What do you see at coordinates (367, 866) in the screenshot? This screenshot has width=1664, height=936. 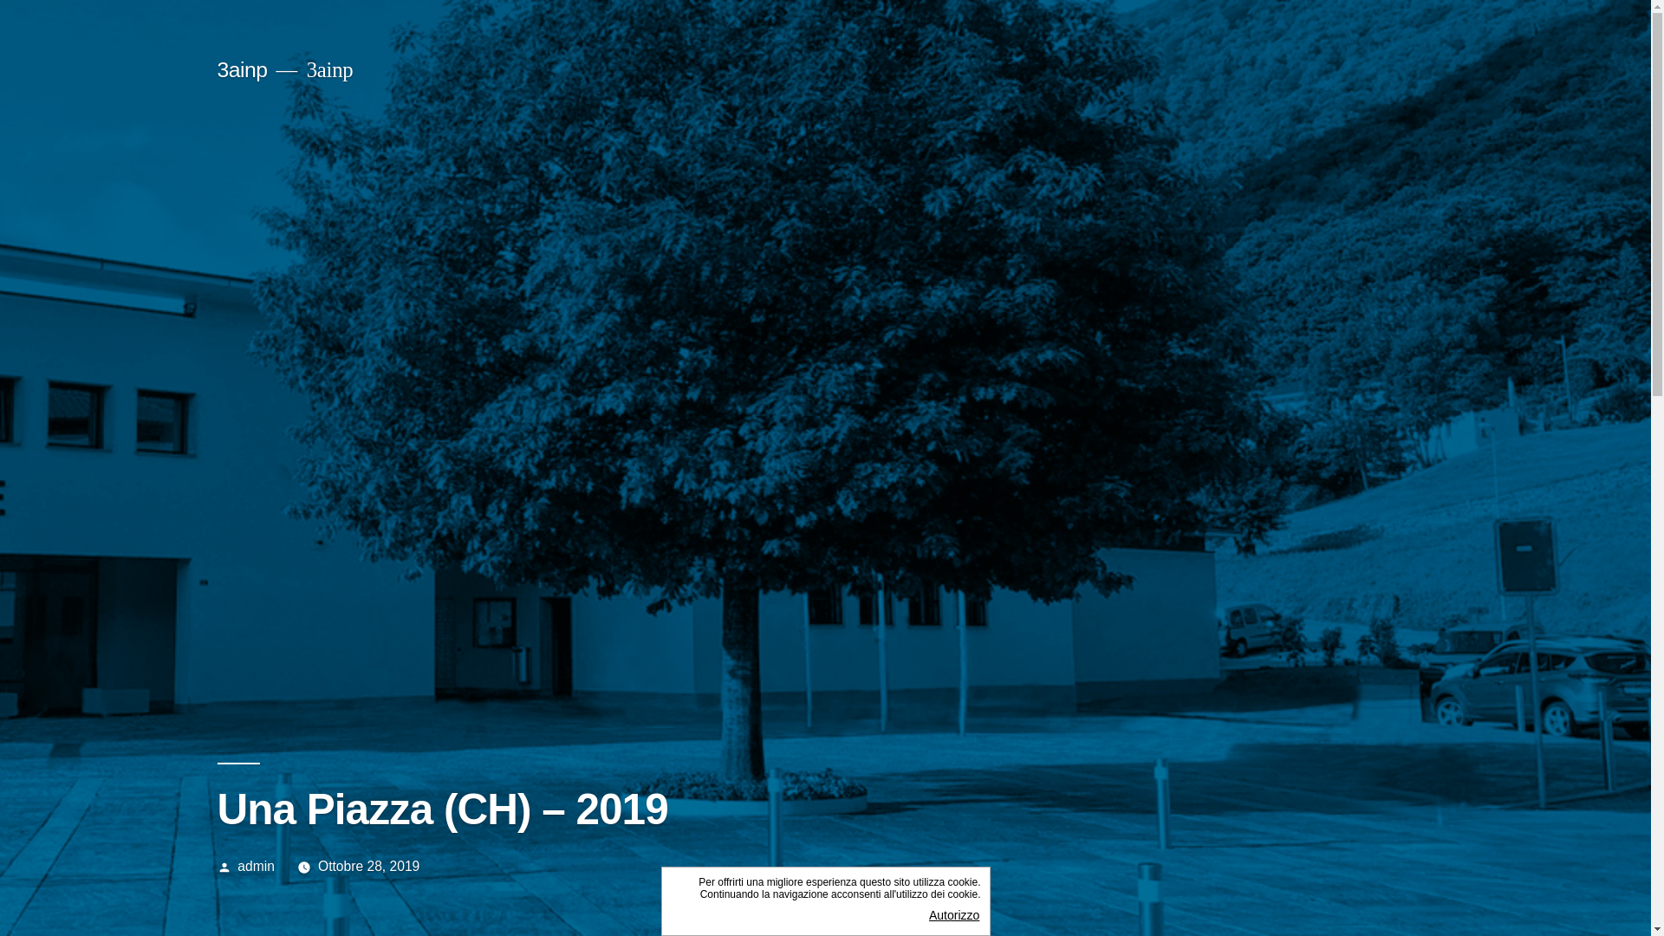 I see `'Ottobre 28, 2019'` at bounding box center [367, 866].